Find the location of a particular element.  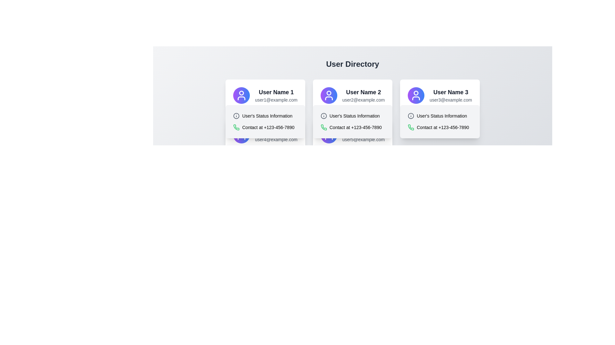

the Label with icon that provides additional context or status about the user, located in the upper half of the card structure below the title and email information is located at coordinates (265, 116).